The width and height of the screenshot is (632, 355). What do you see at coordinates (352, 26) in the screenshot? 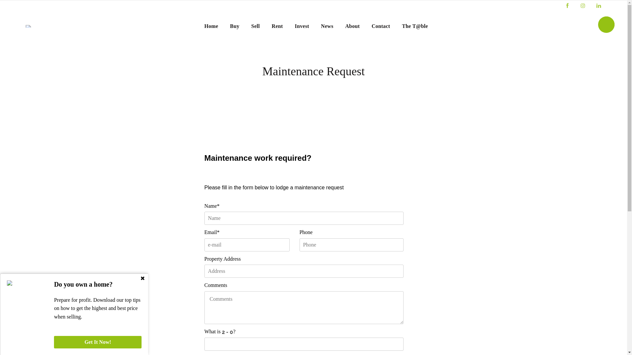
I see `'About'` at bounding box center [352, 26].